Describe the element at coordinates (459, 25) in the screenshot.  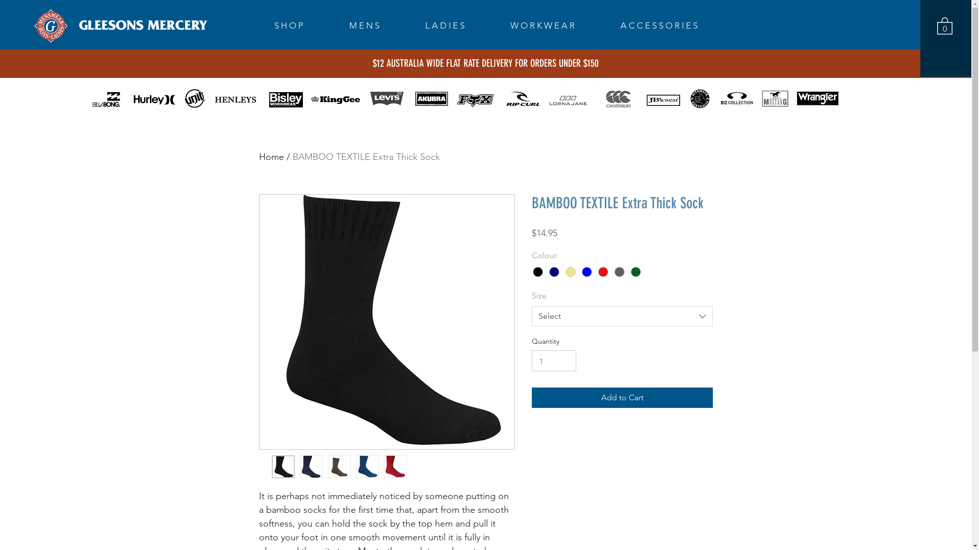
I see `'L A D I E S'` at that location.